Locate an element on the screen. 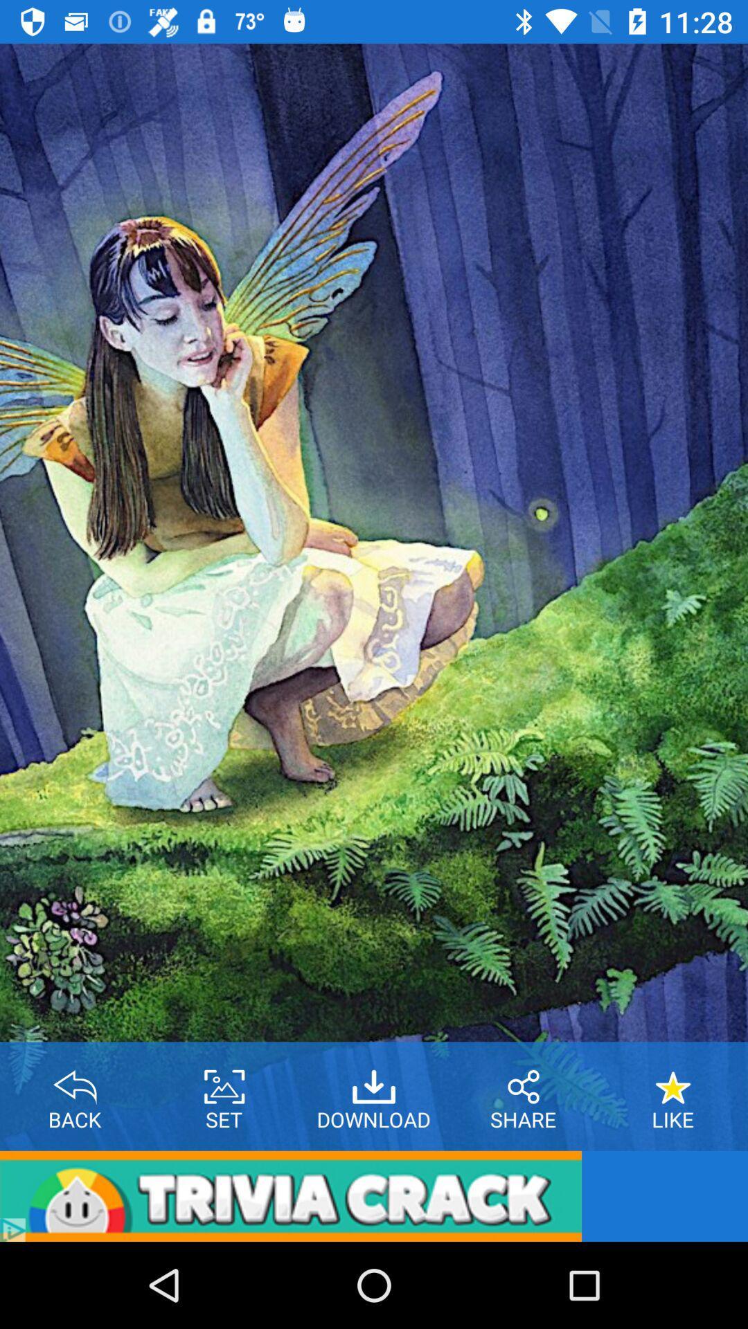 The width and height of the screenshot is (748, 1329). back button is located at coordinates (75, 1081).